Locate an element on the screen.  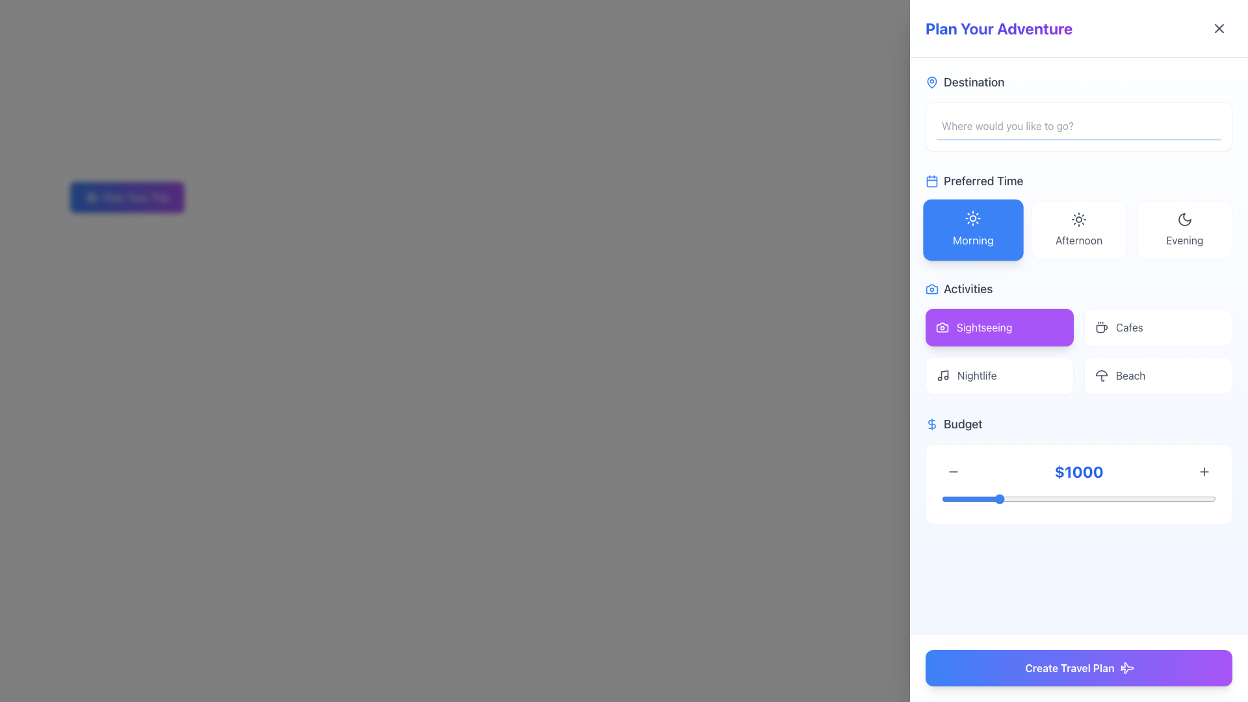
the crescent moon decorative icon located in the 'Preferred Time' group, positioned to the right of the 'Evening' time option is located at coordinates (1184, 219).